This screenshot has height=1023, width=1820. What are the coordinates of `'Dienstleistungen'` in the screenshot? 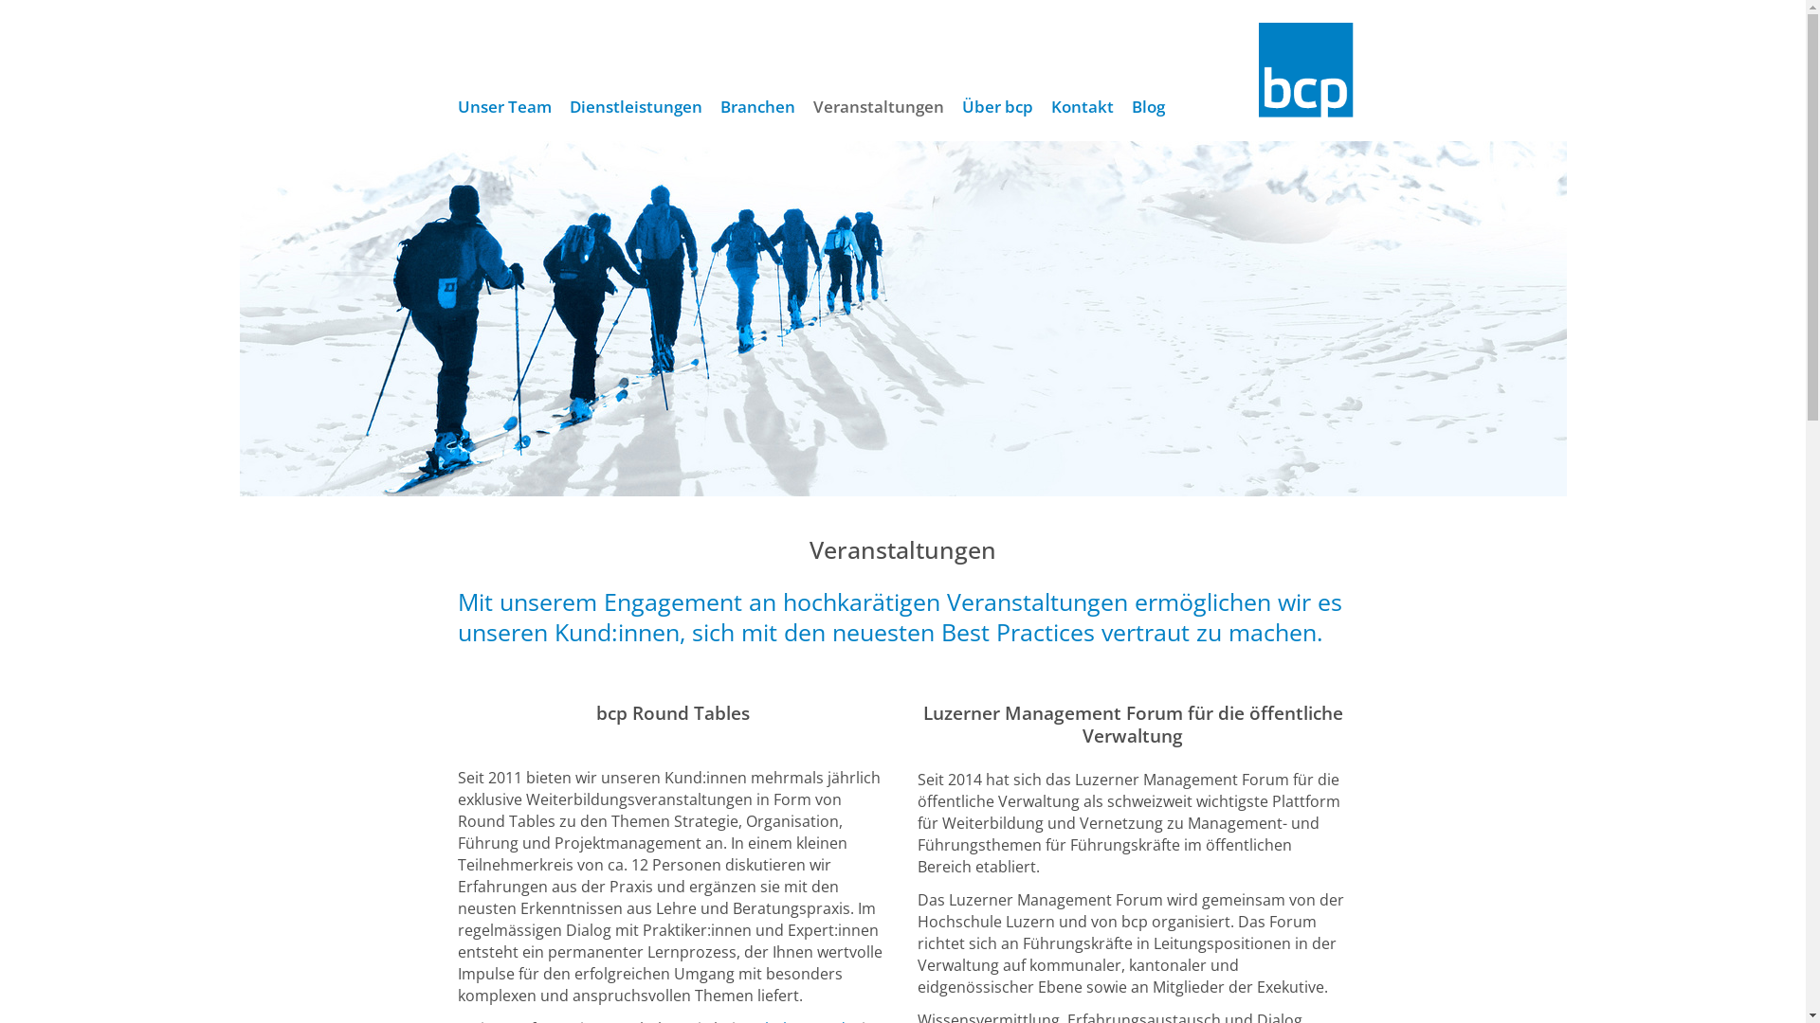 It's located at (636, 106).